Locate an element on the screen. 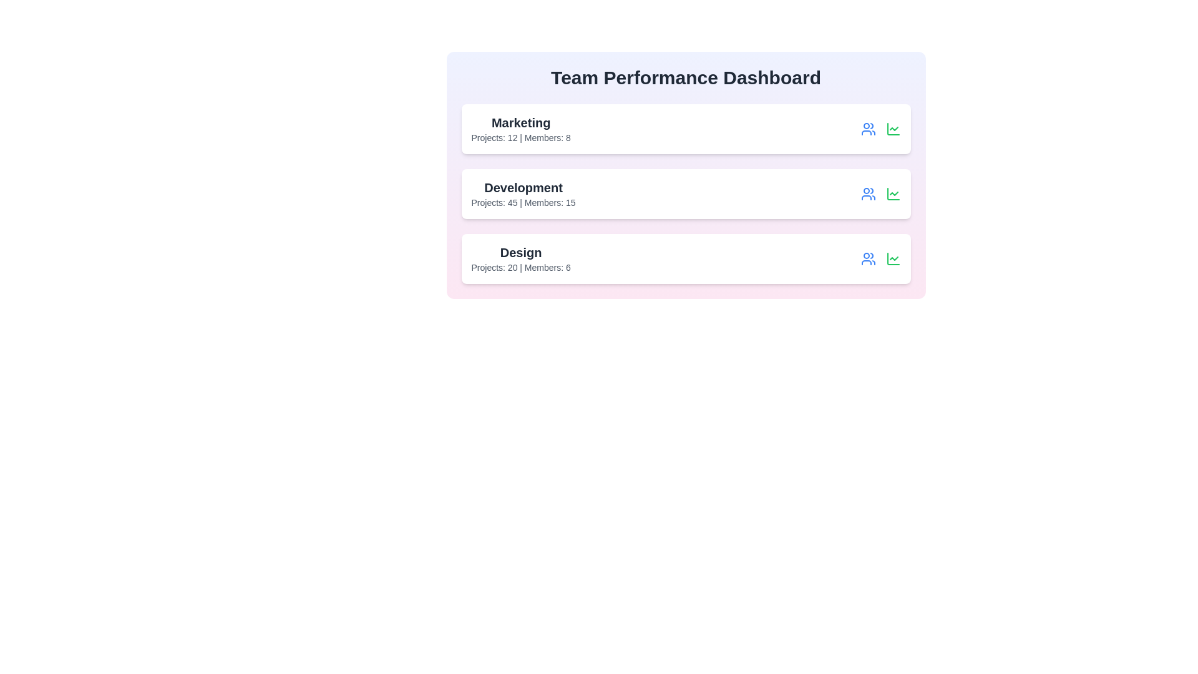  the user icon for the Development team is located at coordinates (867, 194).